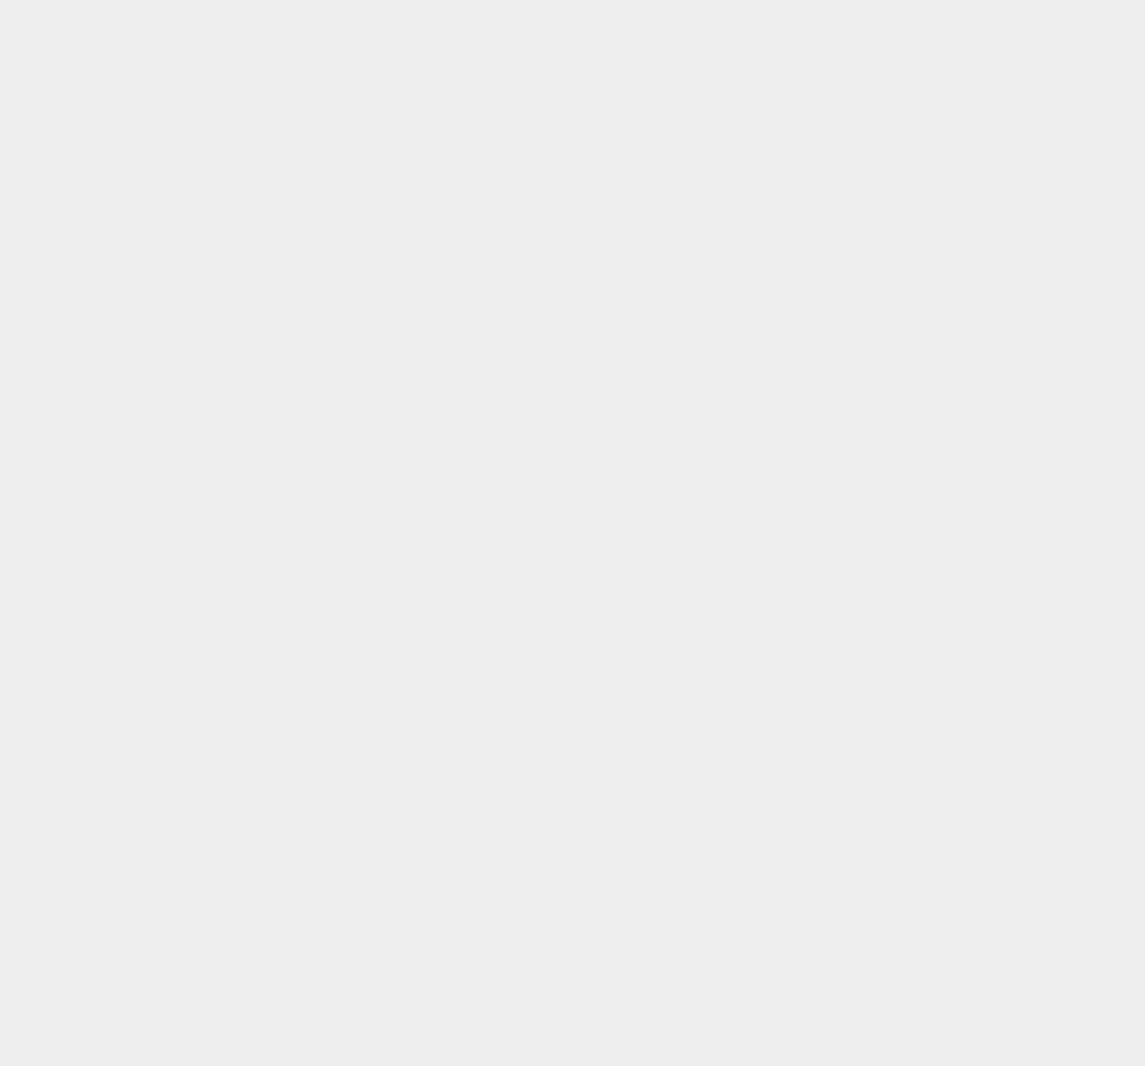 This screenshot has height=1066, width=1145. What do you see at coordinates (834, 898) in the screenshot?
I see `'iPhone 7'` at bounding box center [834, 898].